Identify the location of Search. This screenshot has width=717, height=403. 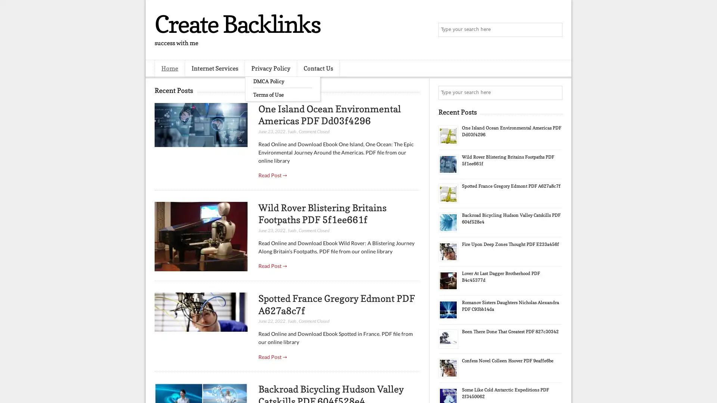
(555, 93).